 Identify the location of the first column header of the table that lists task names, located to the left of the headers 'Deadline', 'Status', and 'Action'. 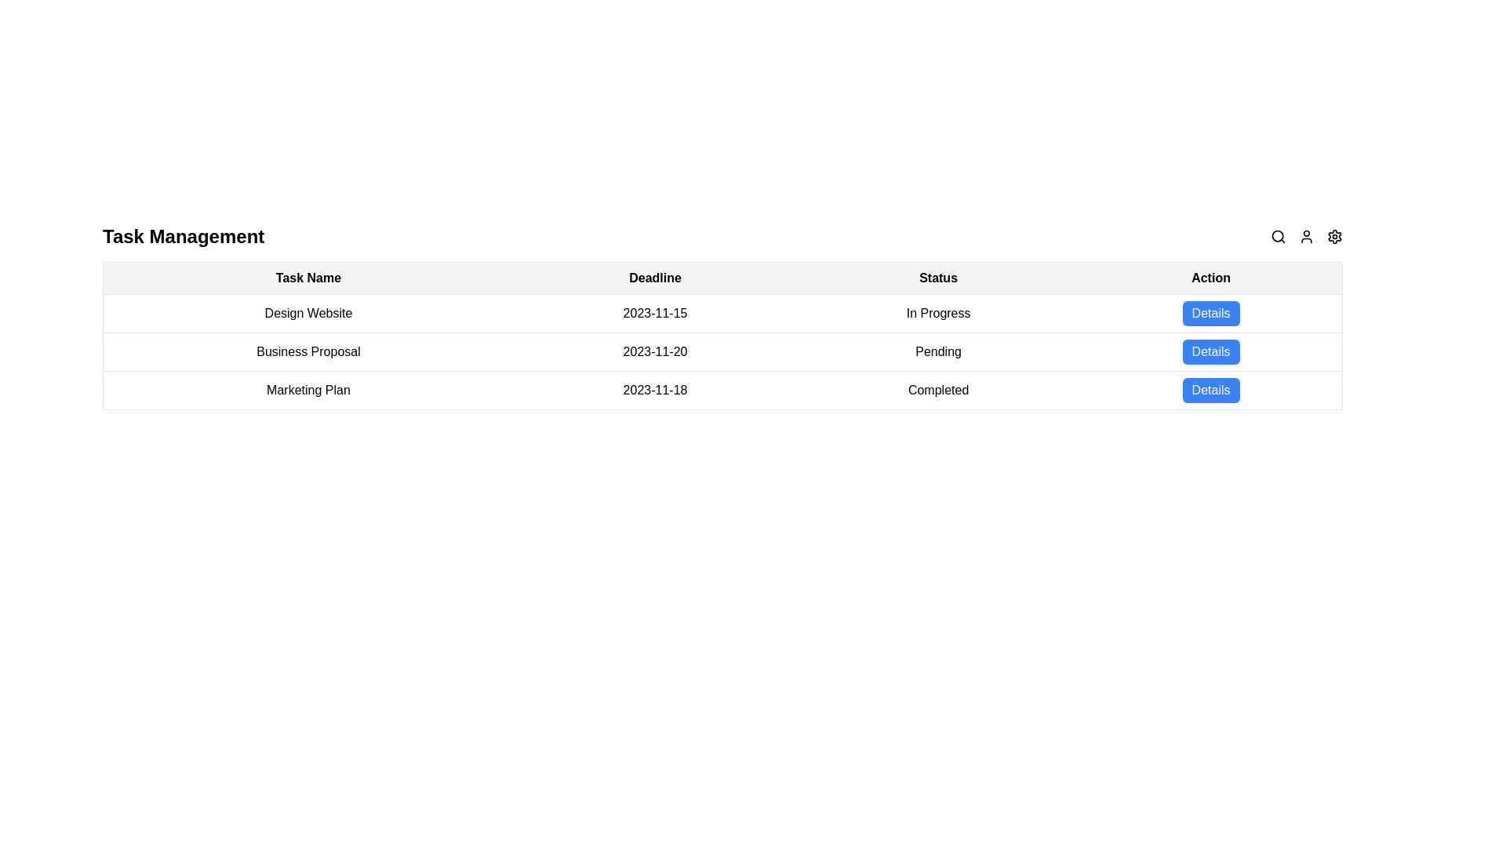
(308, 277).